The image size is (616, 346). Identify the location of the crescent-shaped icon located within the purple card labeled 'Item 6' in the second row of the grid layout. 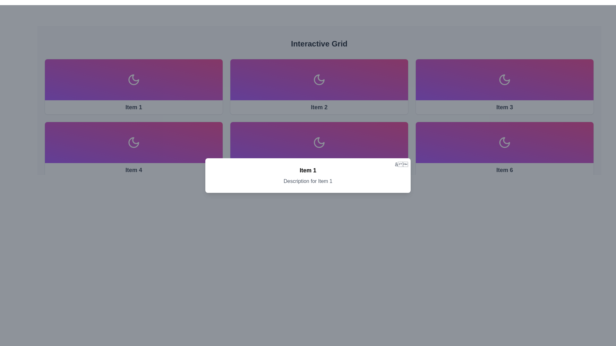
(504, 142).